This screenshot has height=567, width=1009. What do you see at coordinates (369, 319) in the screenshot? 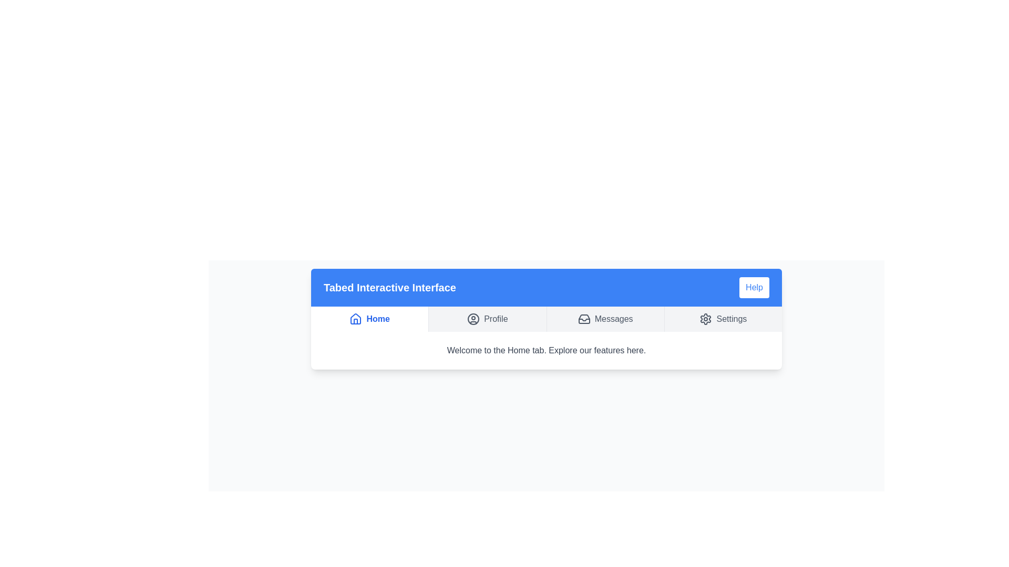
I see `the 'Home' interactive button in the navigation bar` at bounding box center [369, 319].